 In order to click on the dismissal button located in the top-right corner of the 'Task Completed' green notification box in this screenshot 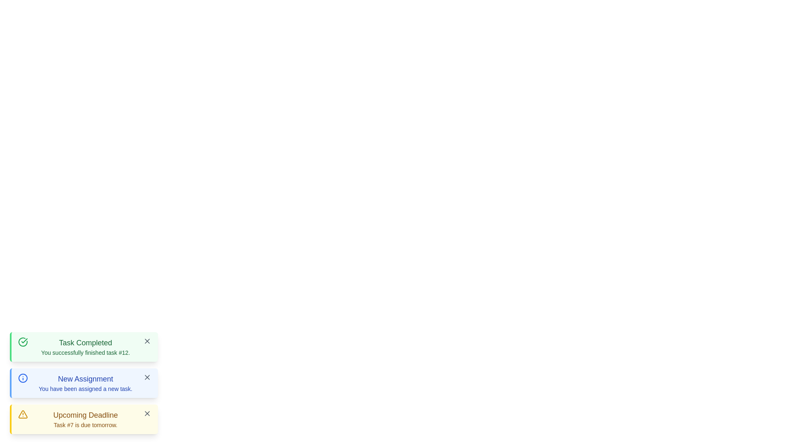, I will do `click(147, 341)`.